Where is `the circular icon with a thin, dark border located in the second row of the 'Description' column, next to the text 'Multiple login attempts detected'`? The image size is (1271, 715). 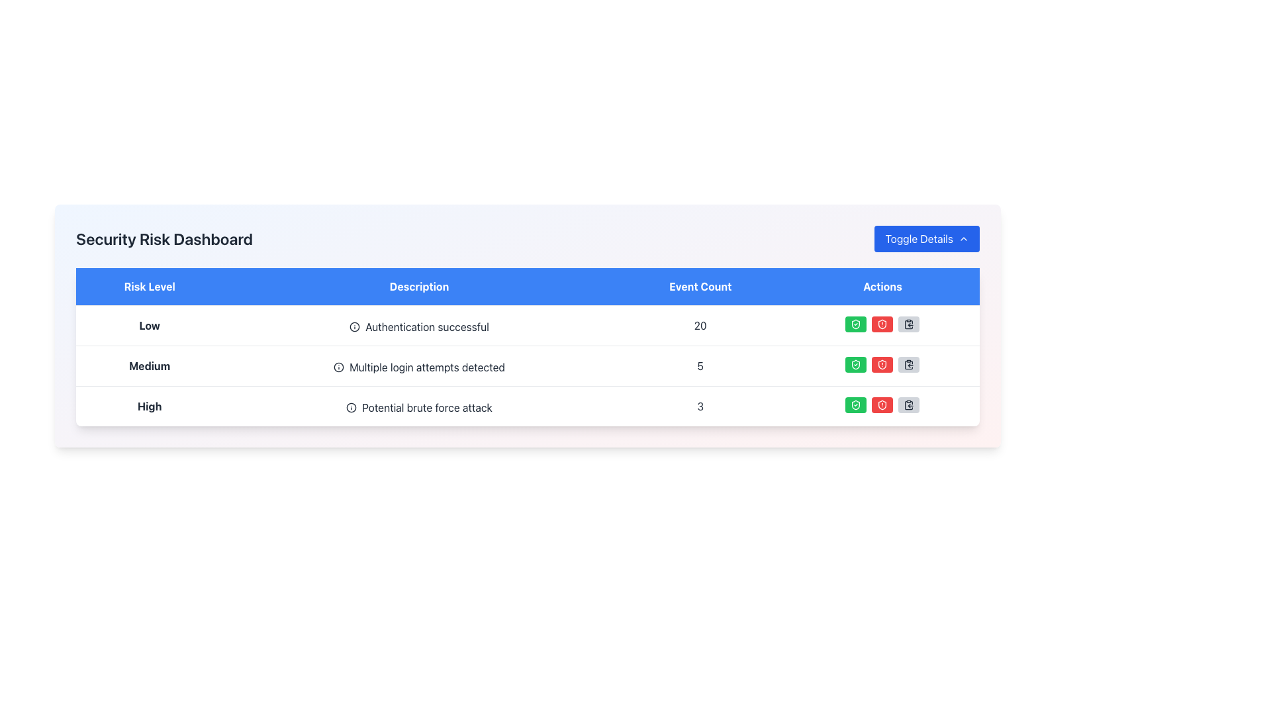
the circular icon with a thin, dark border located in the second row of the 'Description' column, next to the text 'Multiple login attempts detected' is located at coordinates (339, 367).